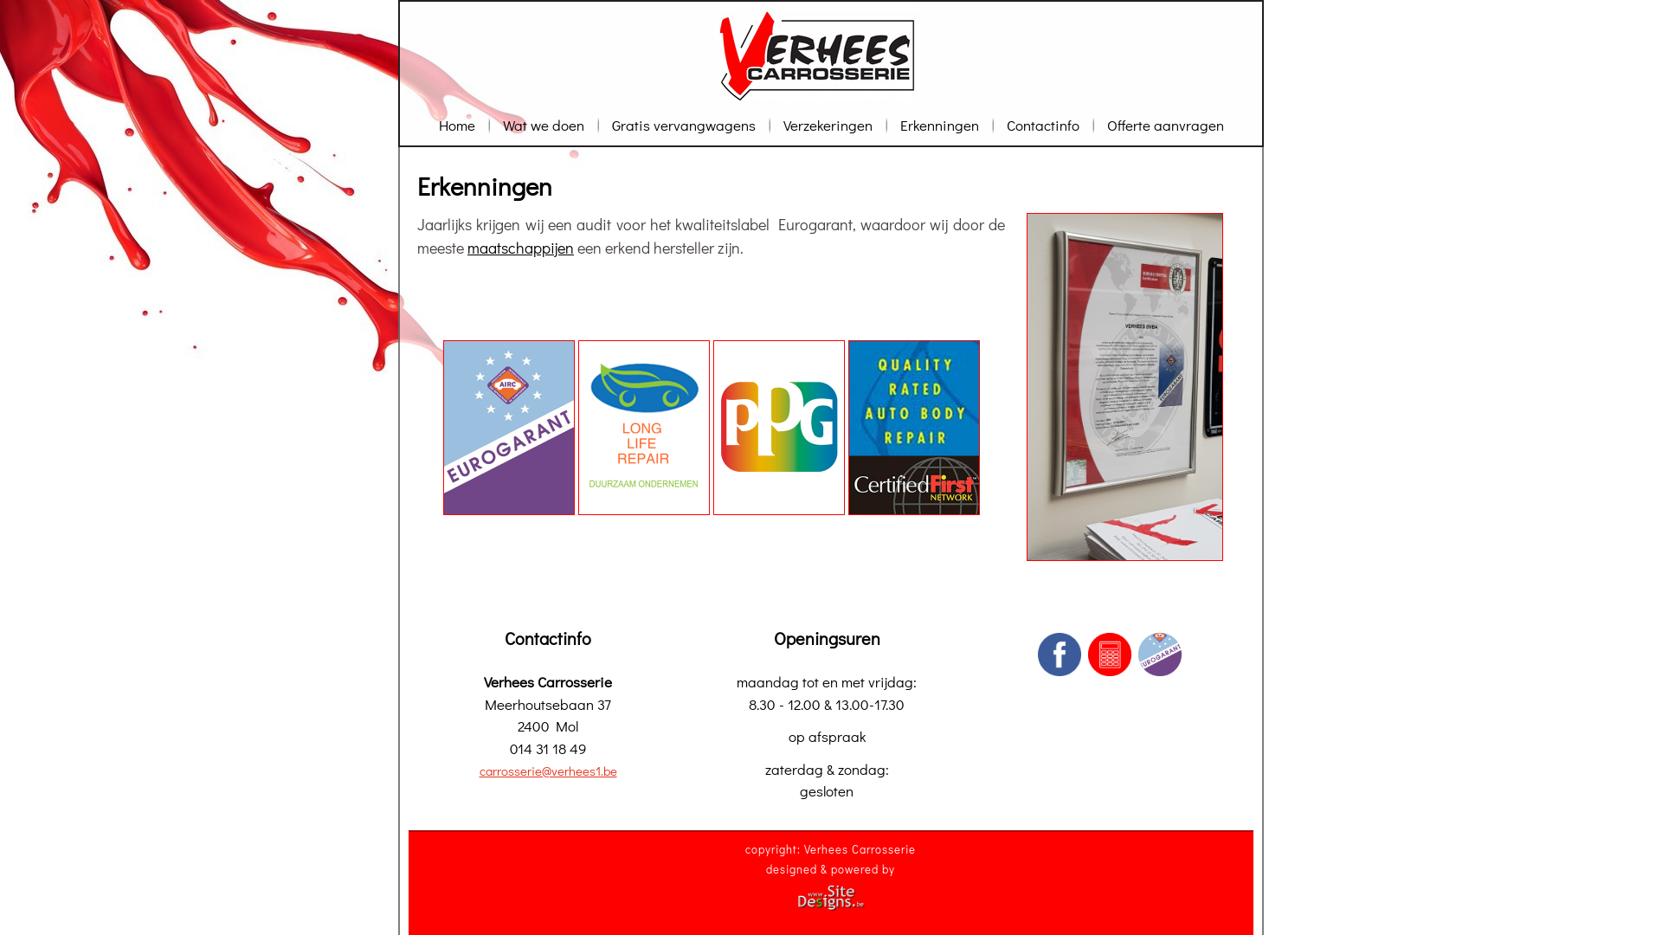 The width and height of the screenshot is (1662, 935). I want to click on 'Verzekeringen', so click(827, 124).